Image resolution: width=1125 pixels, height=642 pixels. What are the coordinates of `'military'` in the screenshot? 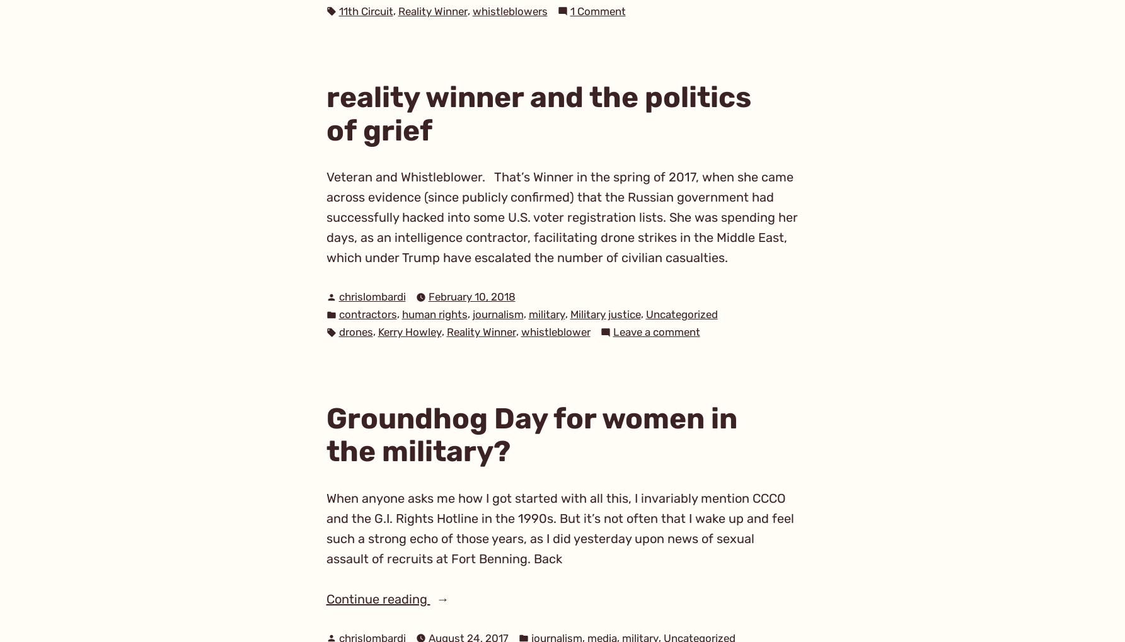 It's located at (546, 314).